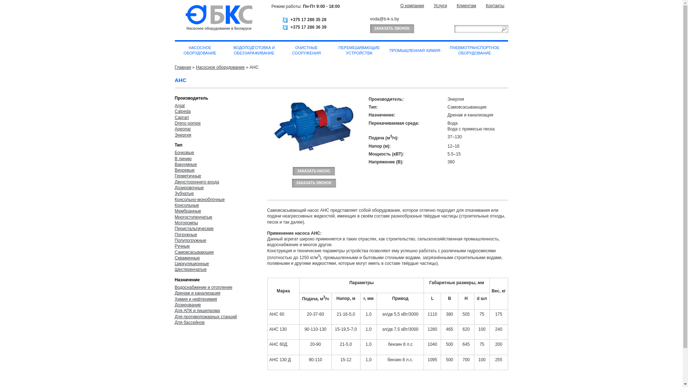 The height and width of the screenshot is (387, 688). What do you see at coordinates (183, 111) in the screenshot?
I see `'Calpeda'` at bounding box center [183, 111].